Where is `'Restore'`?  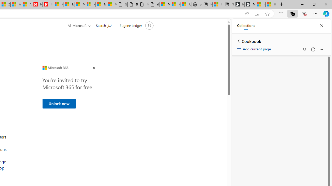 'Restore' is located at coordinates (314, 4).